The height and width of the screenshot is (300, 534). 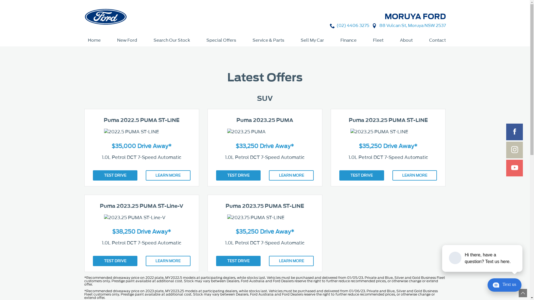 I want to click on 'podium webchat widget prompt', so click(x=482, y=258).